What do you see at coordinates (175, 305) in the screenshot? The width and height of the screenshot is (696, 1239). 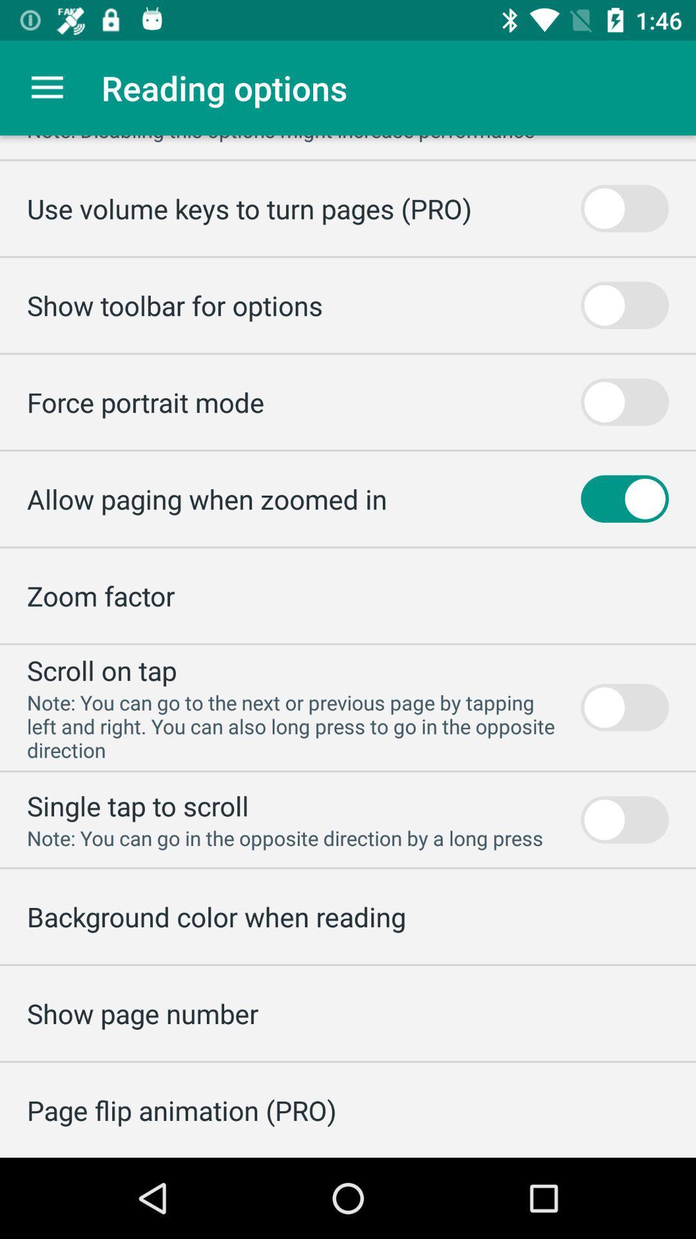 I see `the show toolbar for icon` at bounding box center [175, 305].